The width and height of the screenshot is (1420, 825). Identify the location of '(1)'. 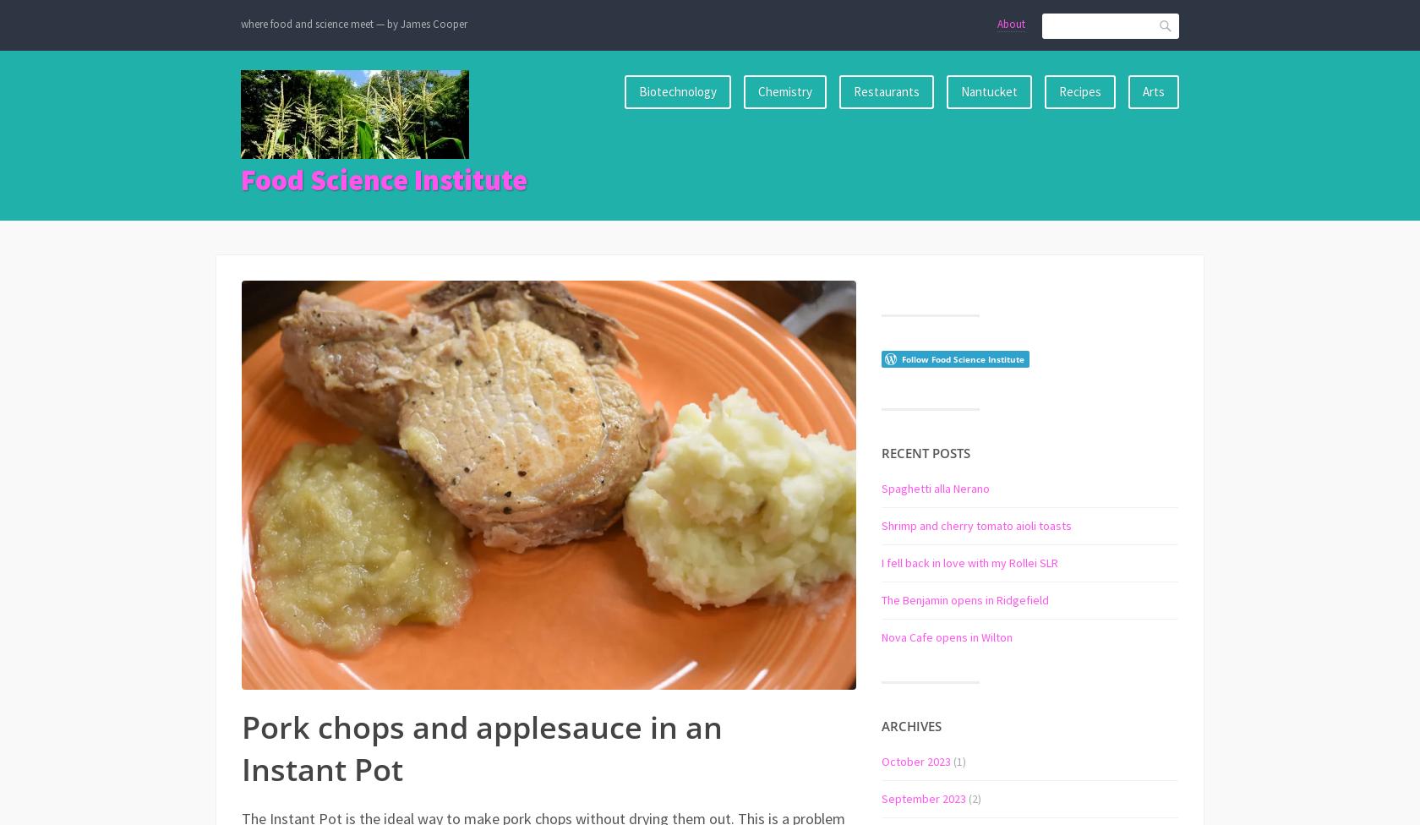
(958, 759).